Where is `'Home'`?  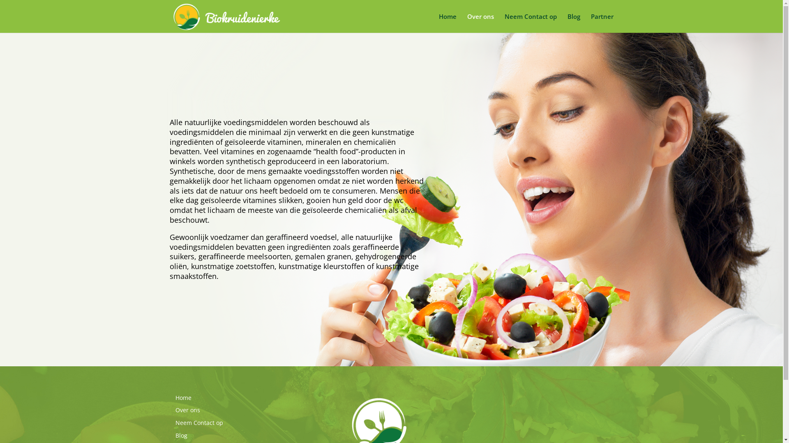
'Home' is located at coordinates (182, 397).